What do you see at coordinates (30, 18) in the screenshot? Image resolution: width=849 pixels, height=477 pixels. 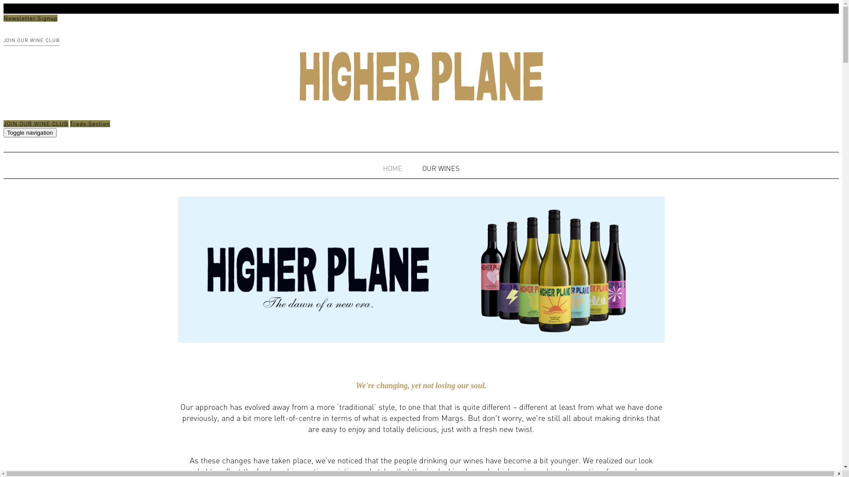 I see `'Newsletter Signup'` at bounding box center [30, 18].